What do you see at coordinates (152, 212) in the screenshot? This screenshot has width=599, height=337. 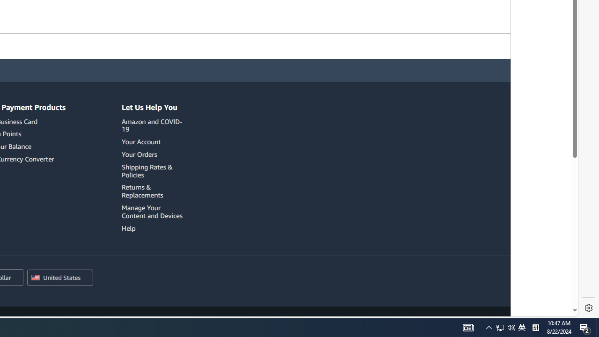 I see `'Manage Your Content and Devices'` at bounding box center [152, 212].